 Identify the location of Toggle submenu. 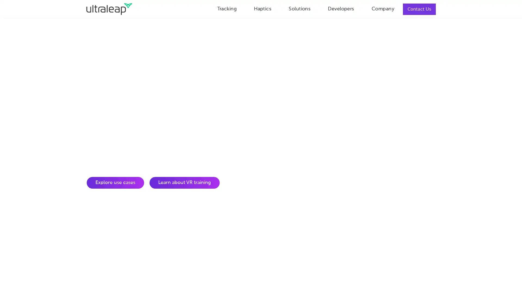
(400, 8).